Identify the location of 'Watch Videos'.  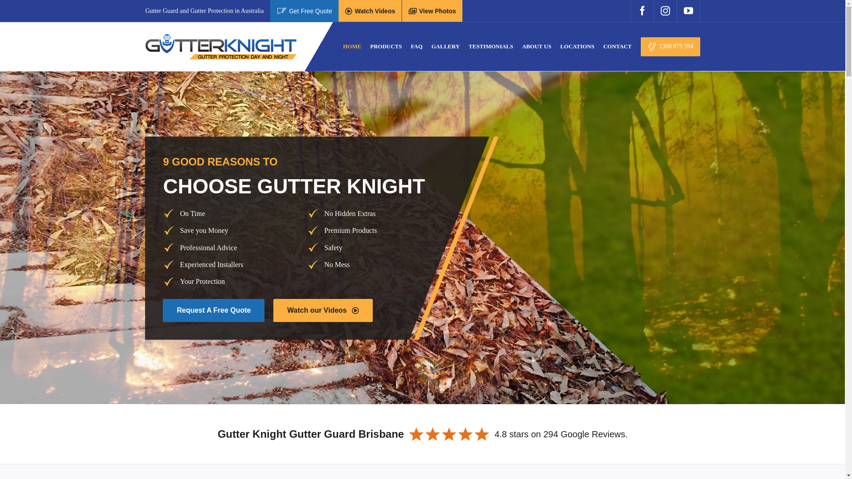
(370, 11).